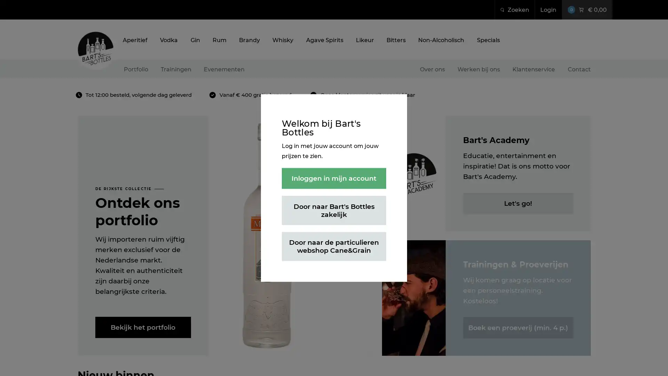 The image size is (668, 376). Describe the element at coordinates (334, 178) in the screenshot. I see `Inloggen in mijn account` at that location.